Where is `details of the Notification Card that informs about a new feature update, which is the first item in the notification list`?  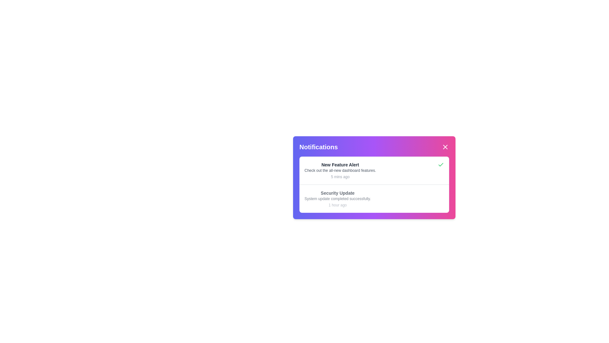 details of the Notification Card that informs about a new feature update, which is the first item in the notification list is located at coordinates (374, 170).